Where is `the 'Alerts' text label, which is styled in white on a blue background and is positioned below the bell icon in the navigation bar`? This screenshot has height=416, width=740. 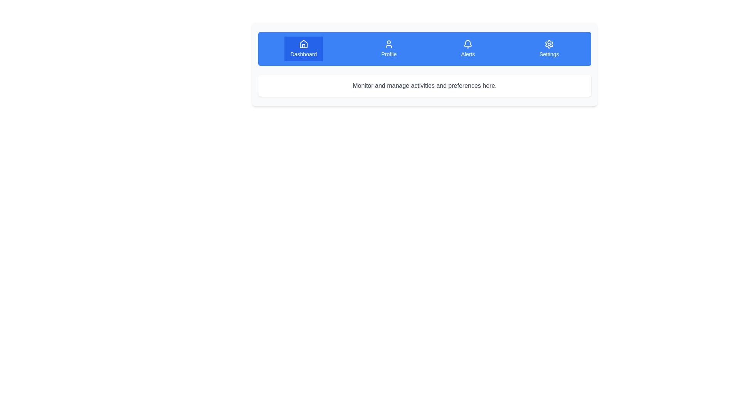 the 'Alerts' text label, which is styled in white on a blue background and is positioned below the bell icon in the navigation bar is located at coordinates (468, 54).